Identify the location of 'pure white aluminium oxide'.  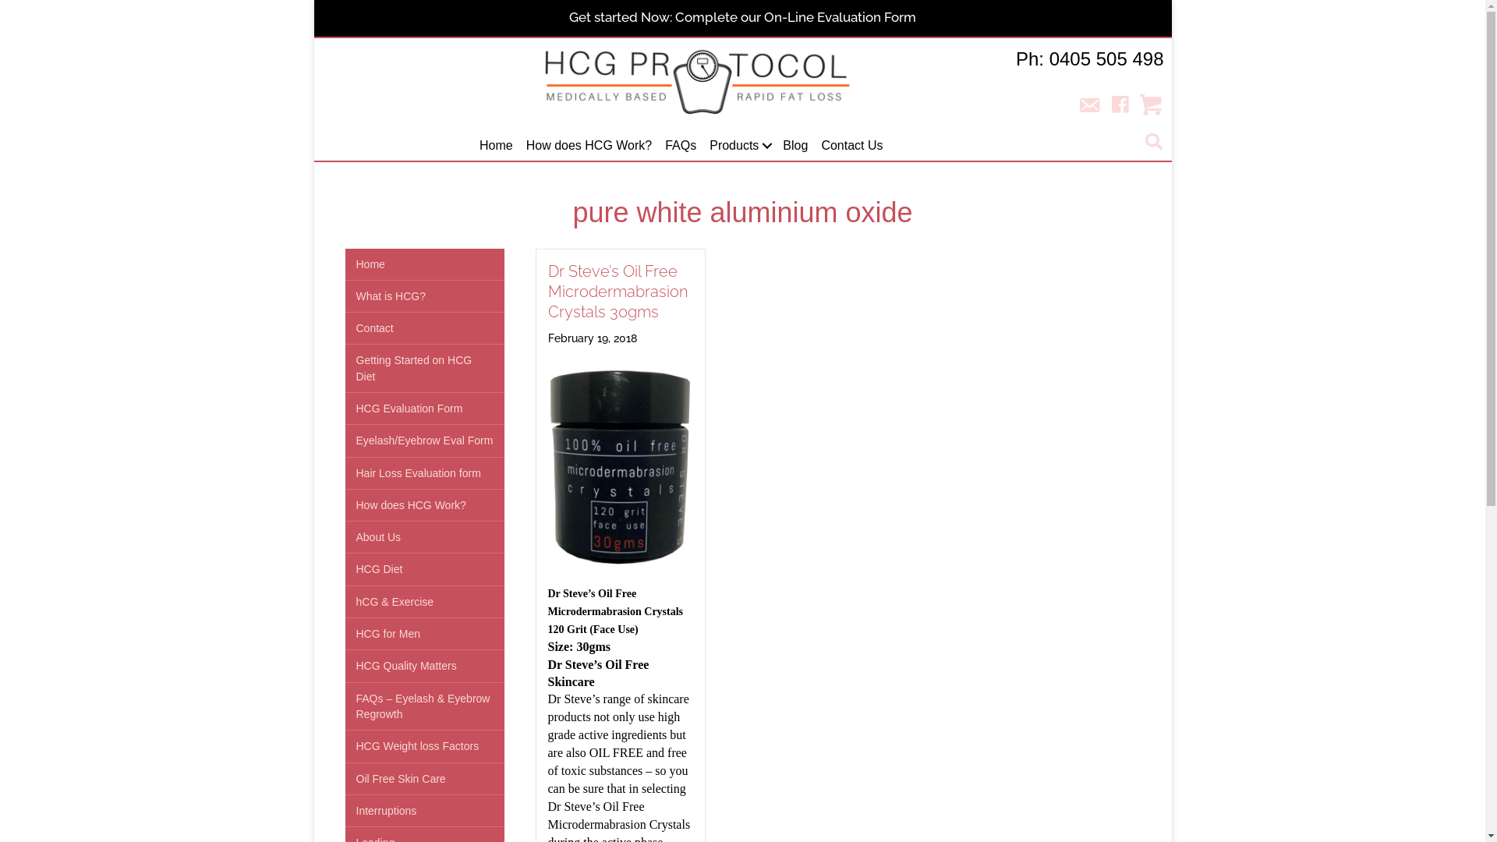
(741, 212).